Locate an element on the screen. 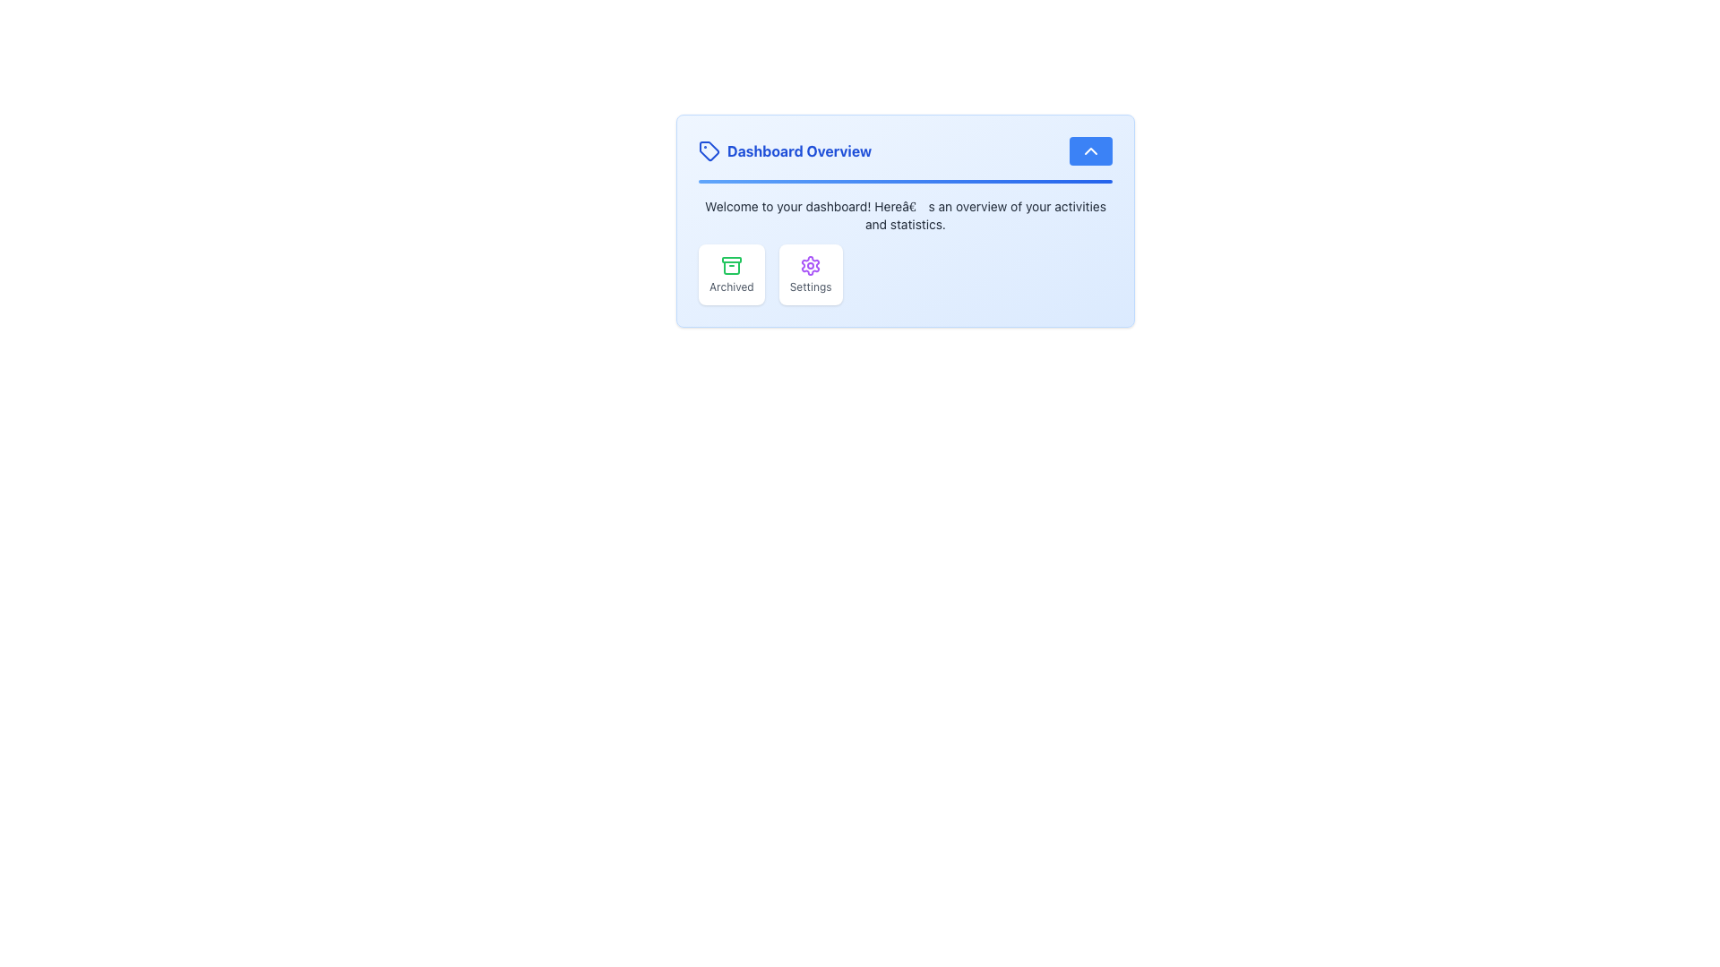  the upward navigation icon located in the blue button labeled 'Dashboard Overview' at the top-right corner of the main card is located at coordinates (1090, 150).